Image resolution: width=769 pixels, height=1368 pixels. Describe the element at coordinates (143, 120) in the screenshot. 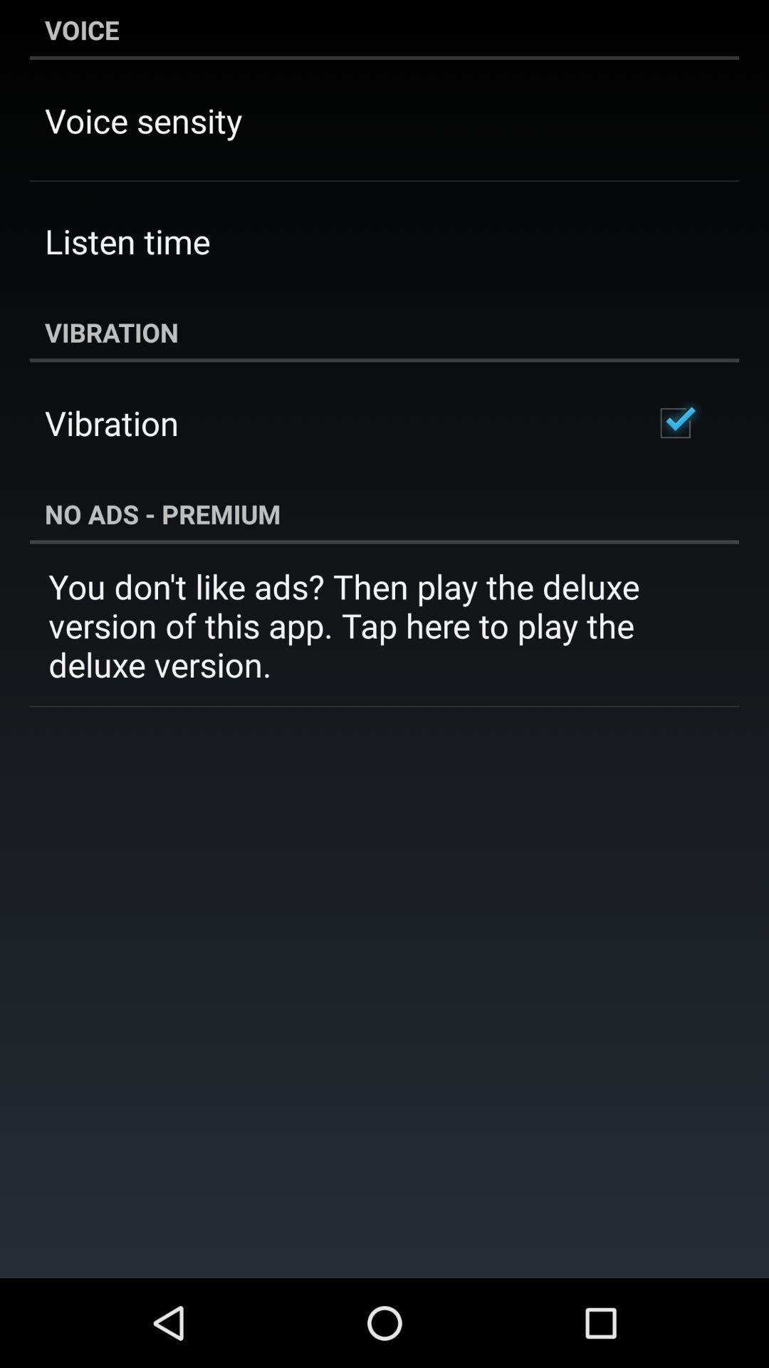

I see `the voice sensity` at that location.